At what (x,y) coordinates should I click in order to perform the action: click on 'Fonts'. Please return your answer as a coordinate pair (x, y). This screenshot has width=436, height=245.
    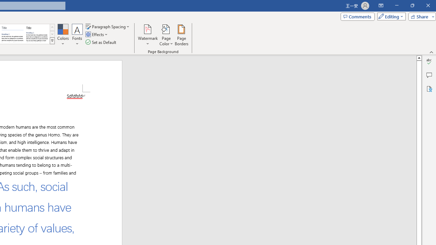
    Looking at the image, I should click on (77, 35).